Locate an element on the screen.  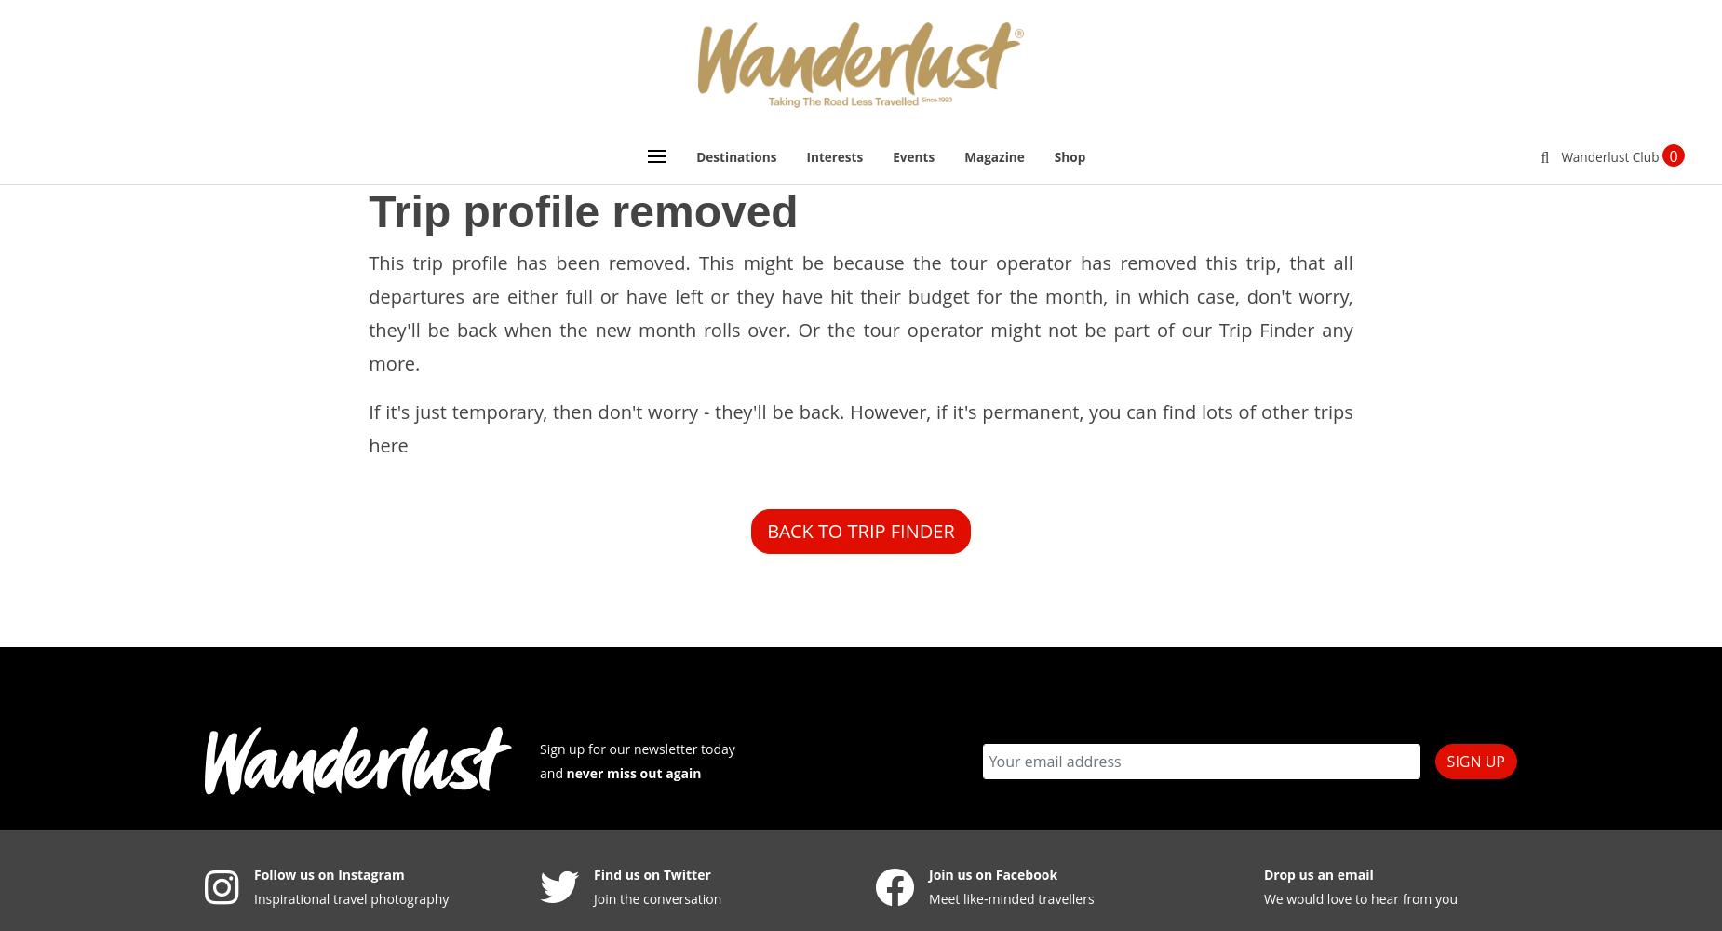
'Shop' is located at coordinates (1069, 155).